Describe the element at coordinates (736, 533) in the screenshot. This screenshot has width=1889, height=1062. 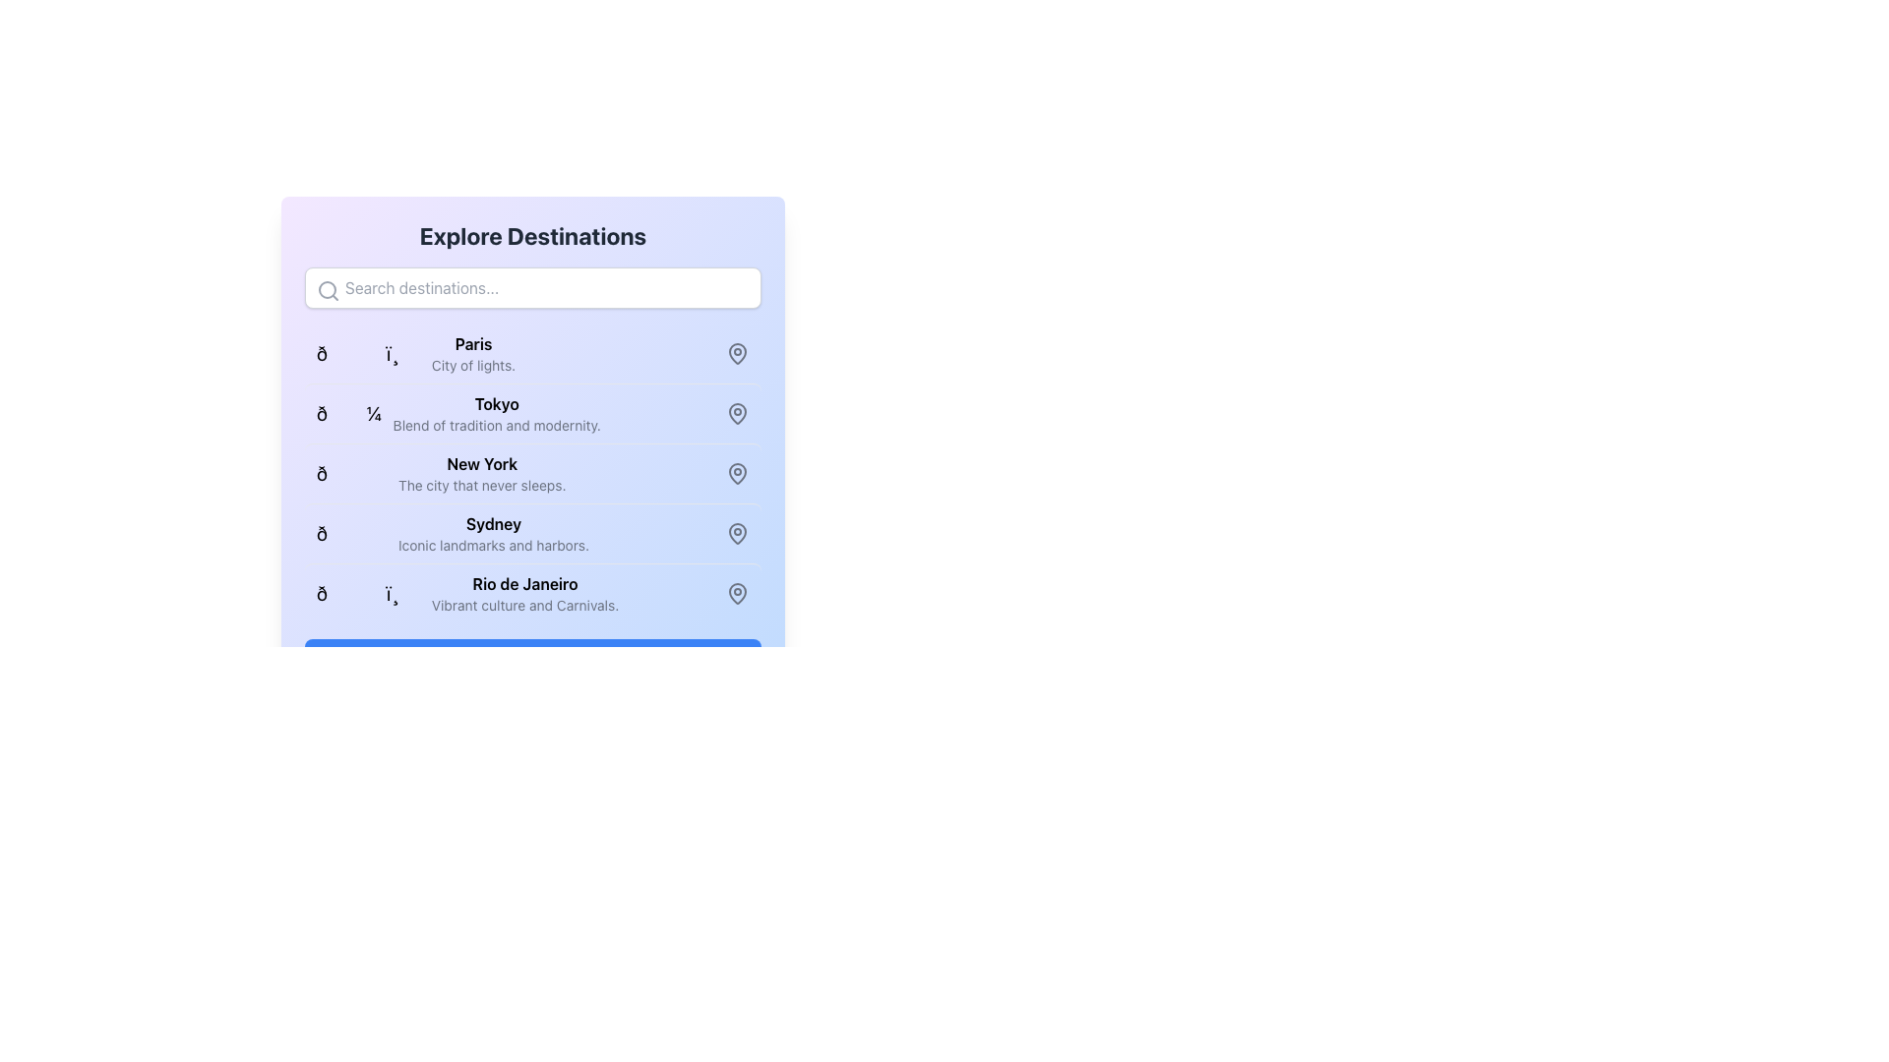
I see `the graphical sub-component of the map pin icon associated with 'Sydney' in the location-based interface, positioned to the right of the text 'Iconic landmarks and harbors.'` at that location.